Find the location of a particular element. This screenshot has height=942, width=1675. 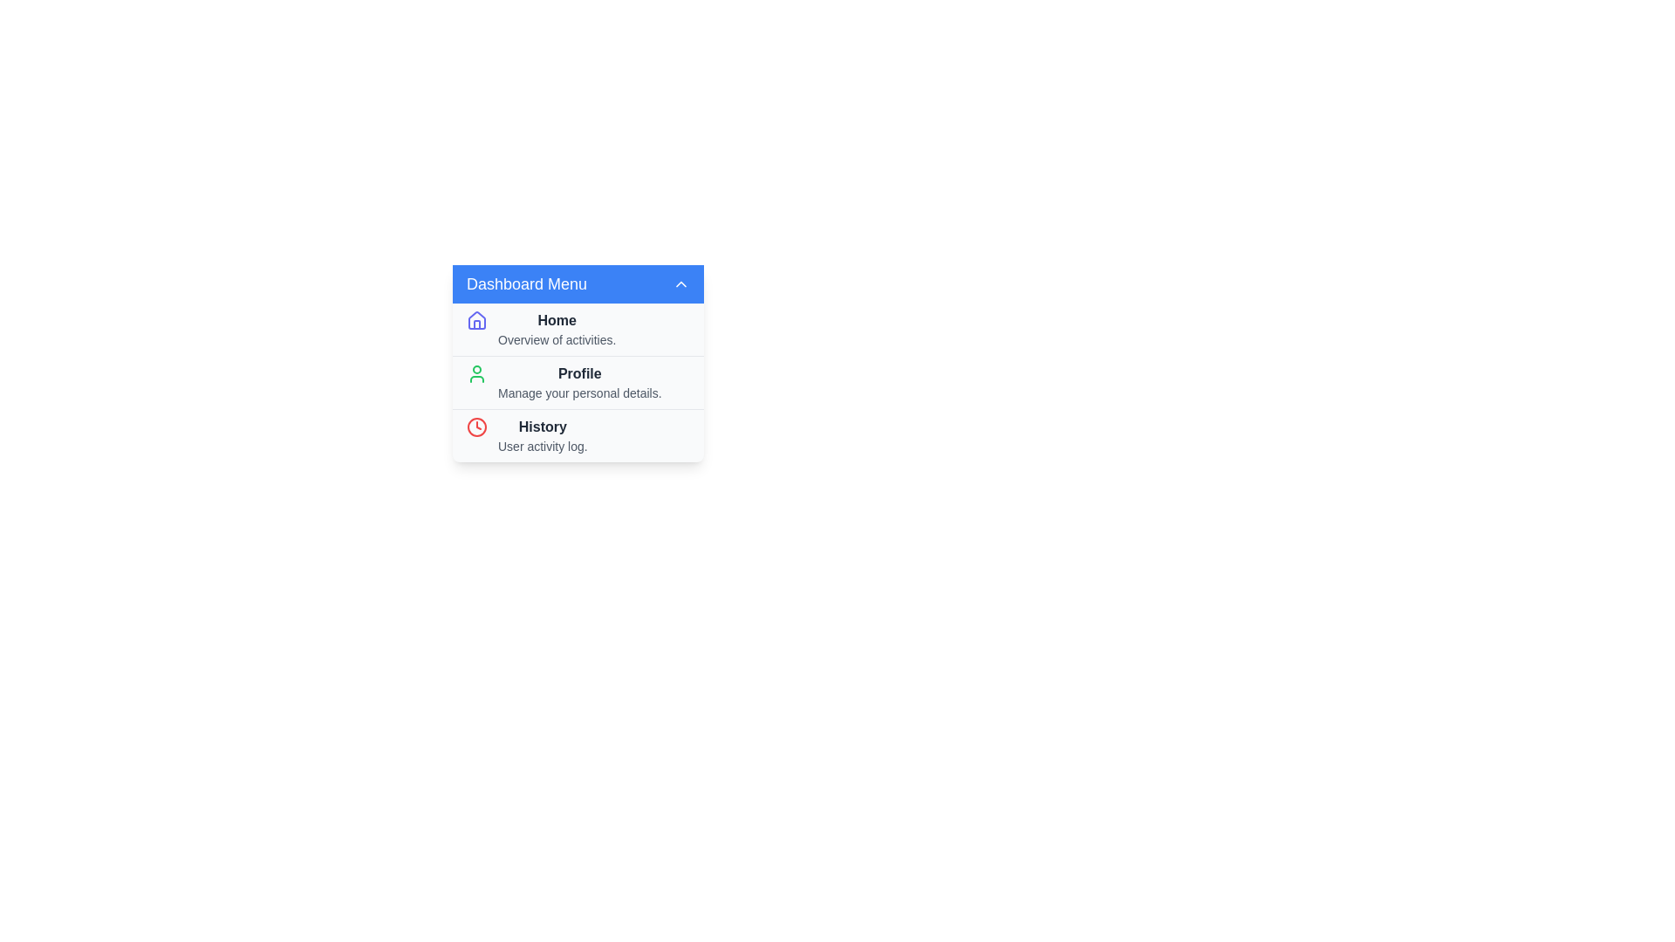

the 'Profile' section label located in the Dashboard Menu card, which identifies the section above the 'Manage your personal details.' text is located at coordinates (579, 372).